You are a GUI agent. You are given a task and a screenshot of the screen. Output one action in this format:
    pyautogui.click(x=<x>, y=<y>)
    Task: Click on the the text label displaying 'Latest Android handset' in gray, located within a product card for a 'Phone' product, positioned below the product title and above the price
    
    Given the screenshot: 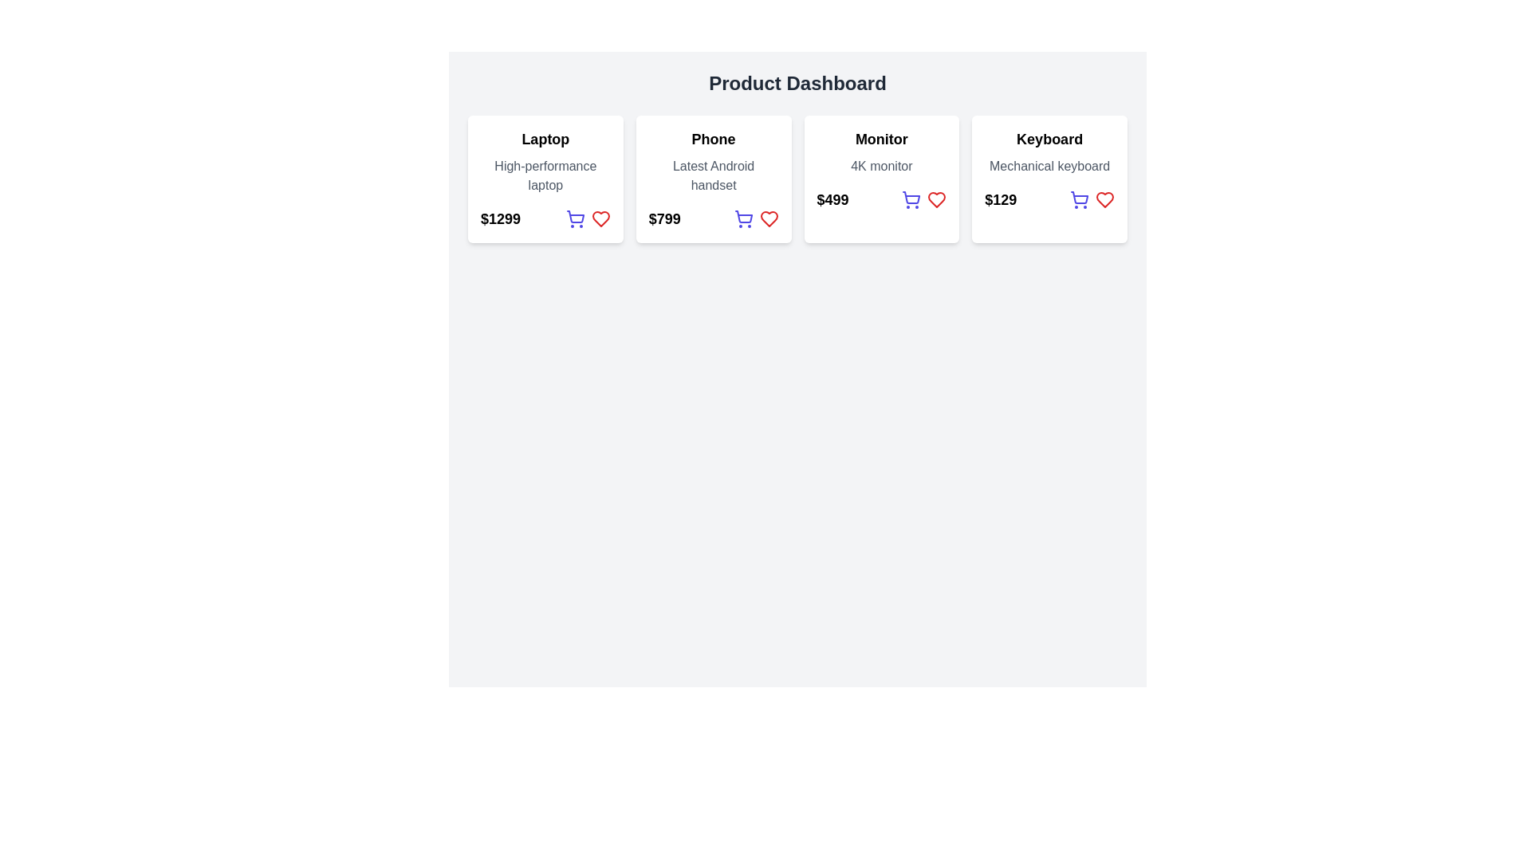 What is the action you would take?
    pyautogui.click(x=713, y=175)
    